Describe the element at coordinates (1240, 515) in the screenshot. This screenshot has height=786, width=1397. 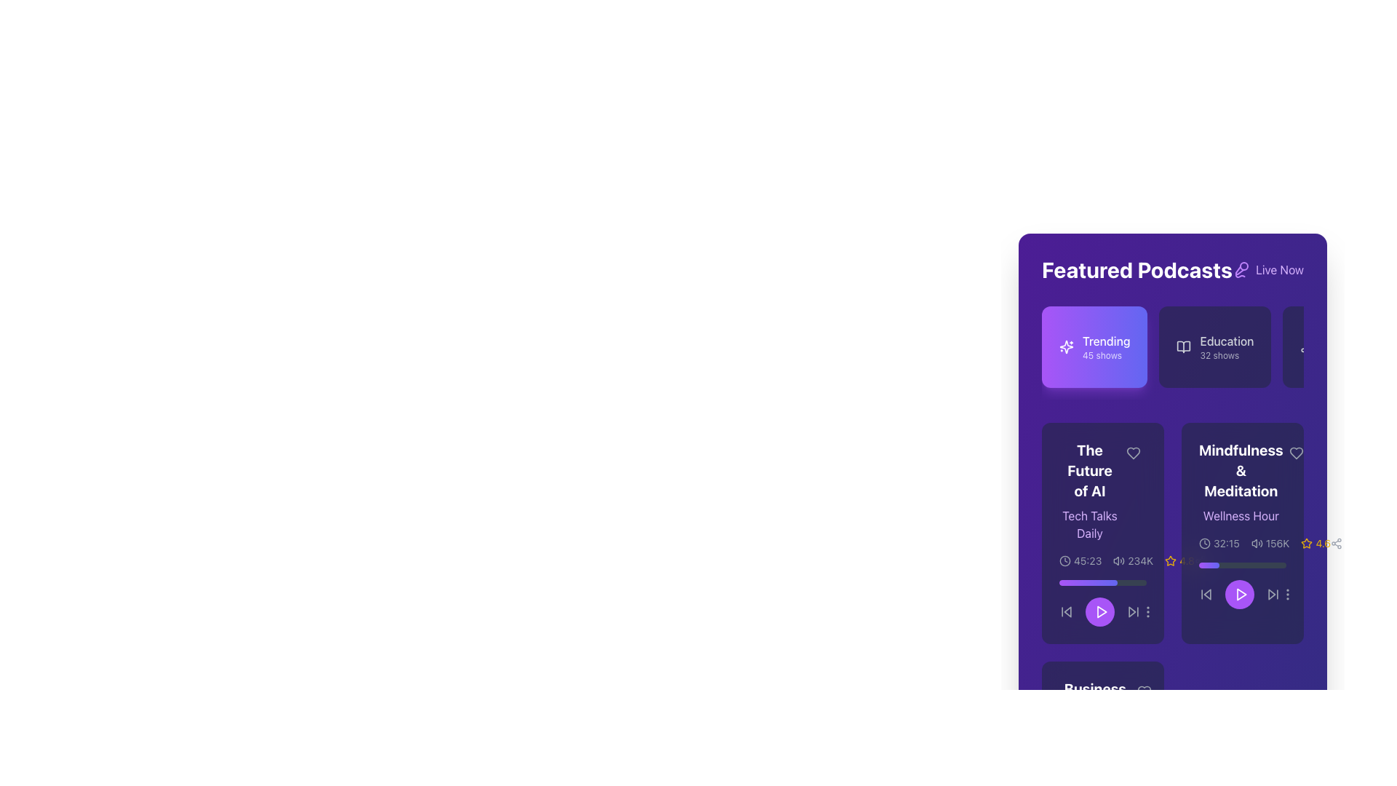
I see `the static text label displaying 'Wellness Hour' styled in light purple, located below 'Mindfulness & Meditation' in the 'Featured Podcasts' section` at that location.